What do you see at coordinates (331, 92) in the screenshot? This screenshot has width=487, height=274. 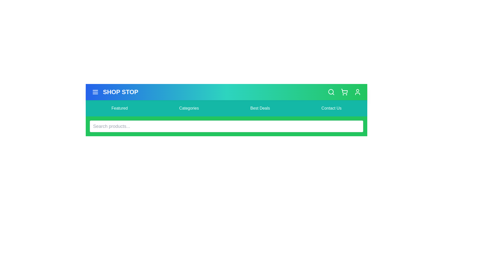 I see `the search icon to toggle the visibility of the search bar` at bounding box center [331, 92].